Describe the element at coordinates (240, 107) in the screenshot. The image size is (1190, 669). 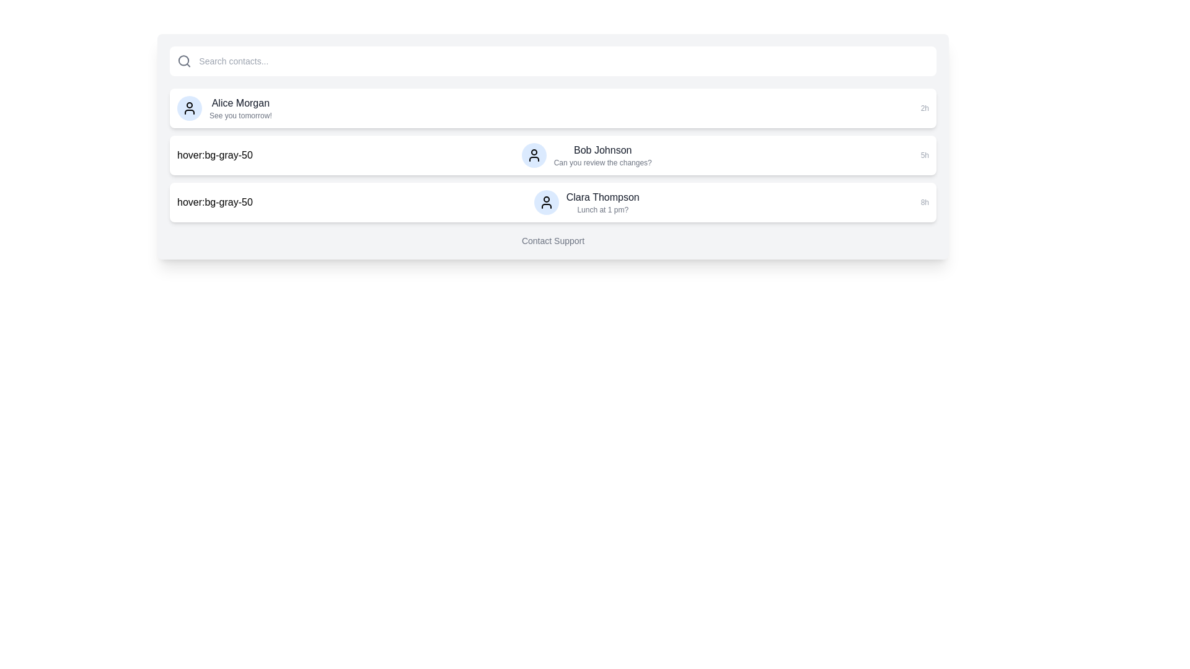
I see `the Text Label Group displaying 'Alice Morgan' and 'See you tomorrow!'` at that location.